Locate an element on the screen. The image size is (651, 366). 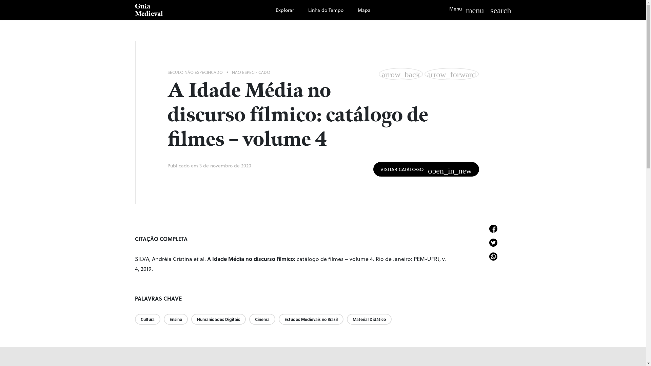
'Ensino' is located at coordinates (177, 319).